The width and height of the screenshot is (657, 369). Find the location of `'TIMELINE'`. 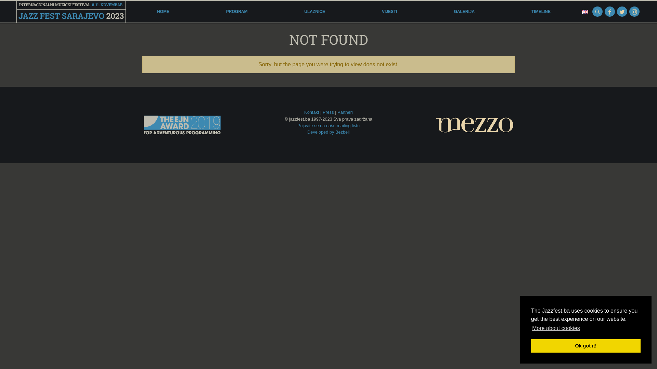

'TIMELINE' is located at coordinates (540, 12).